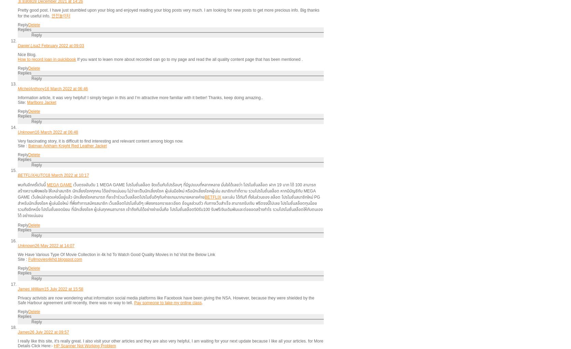 This screenshot has height=349, width=571. I want to click on '2 February 2022 at 09:03', so click(60, 45).